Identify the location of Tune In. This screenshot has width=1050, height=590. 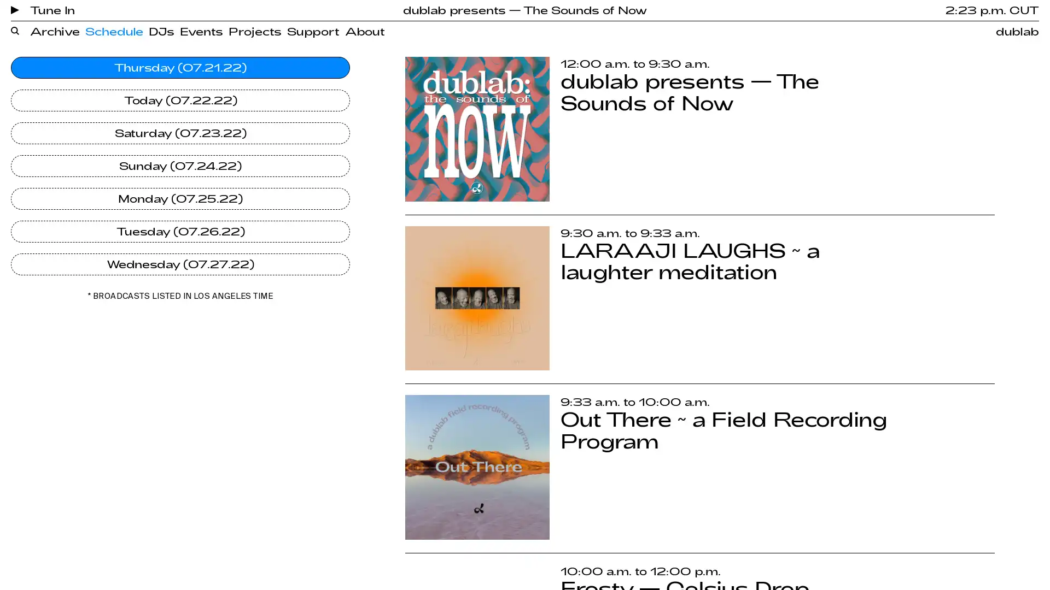
(43, 10).